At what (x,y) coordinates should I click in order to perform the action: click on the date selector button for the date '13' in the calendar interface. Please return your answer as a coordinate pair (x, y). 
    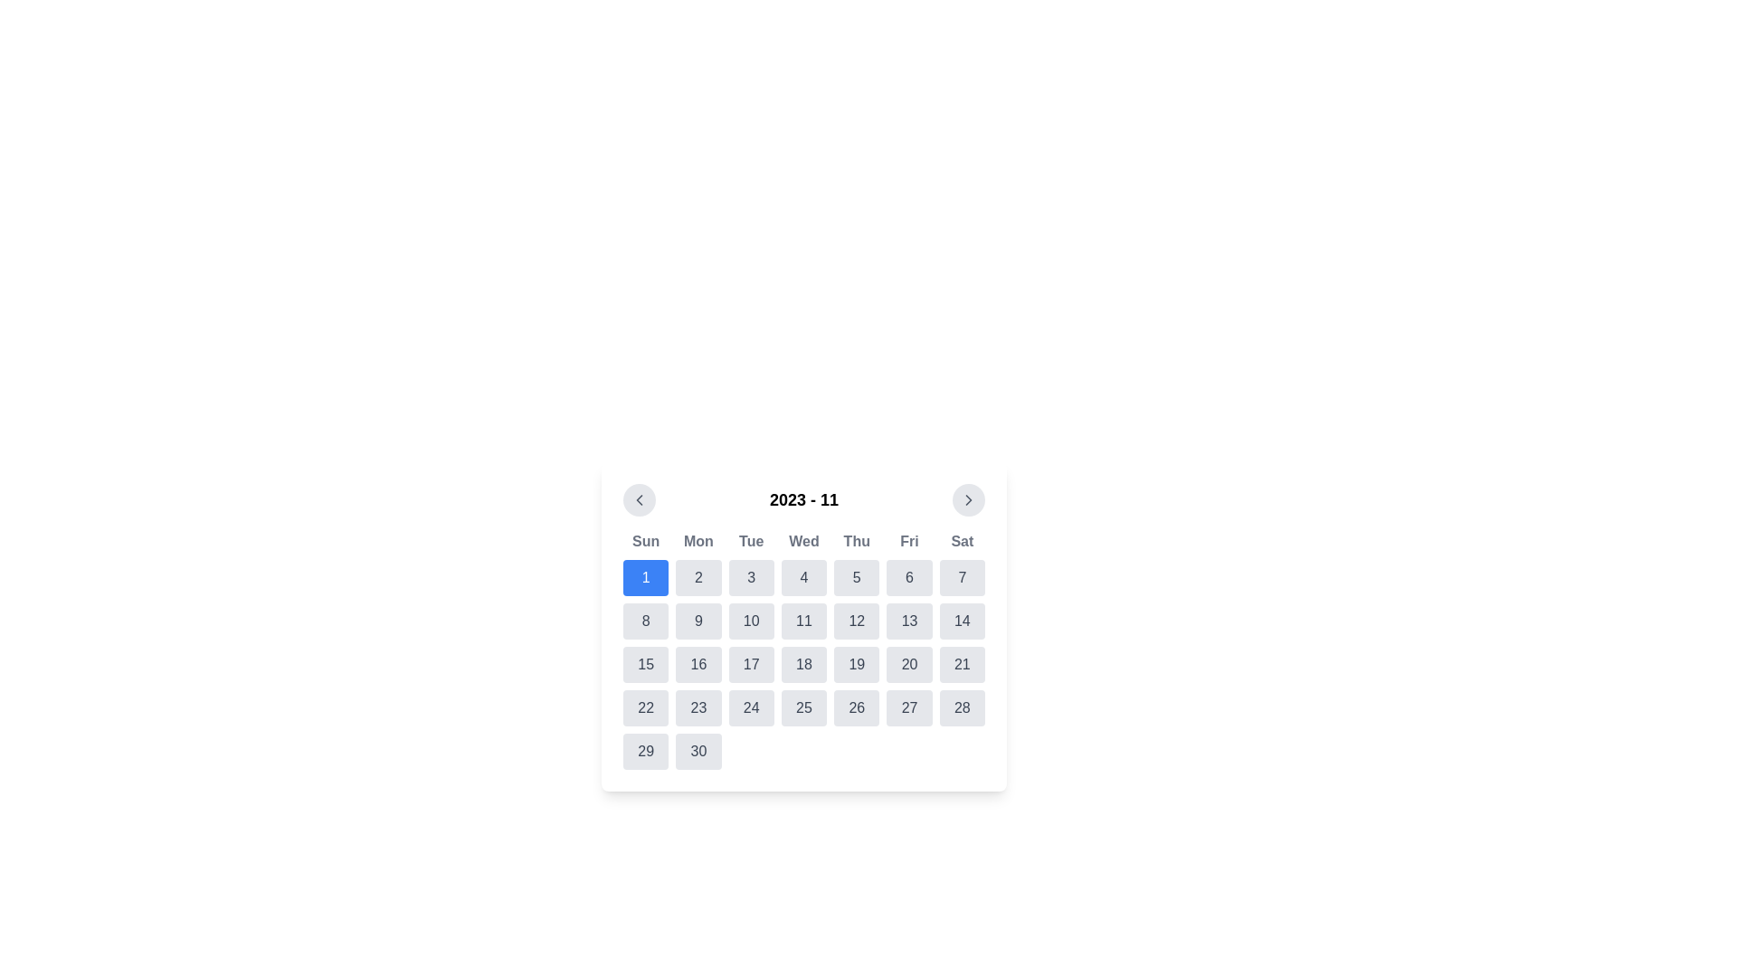
    Looking at the image, I should click on (909, 620).